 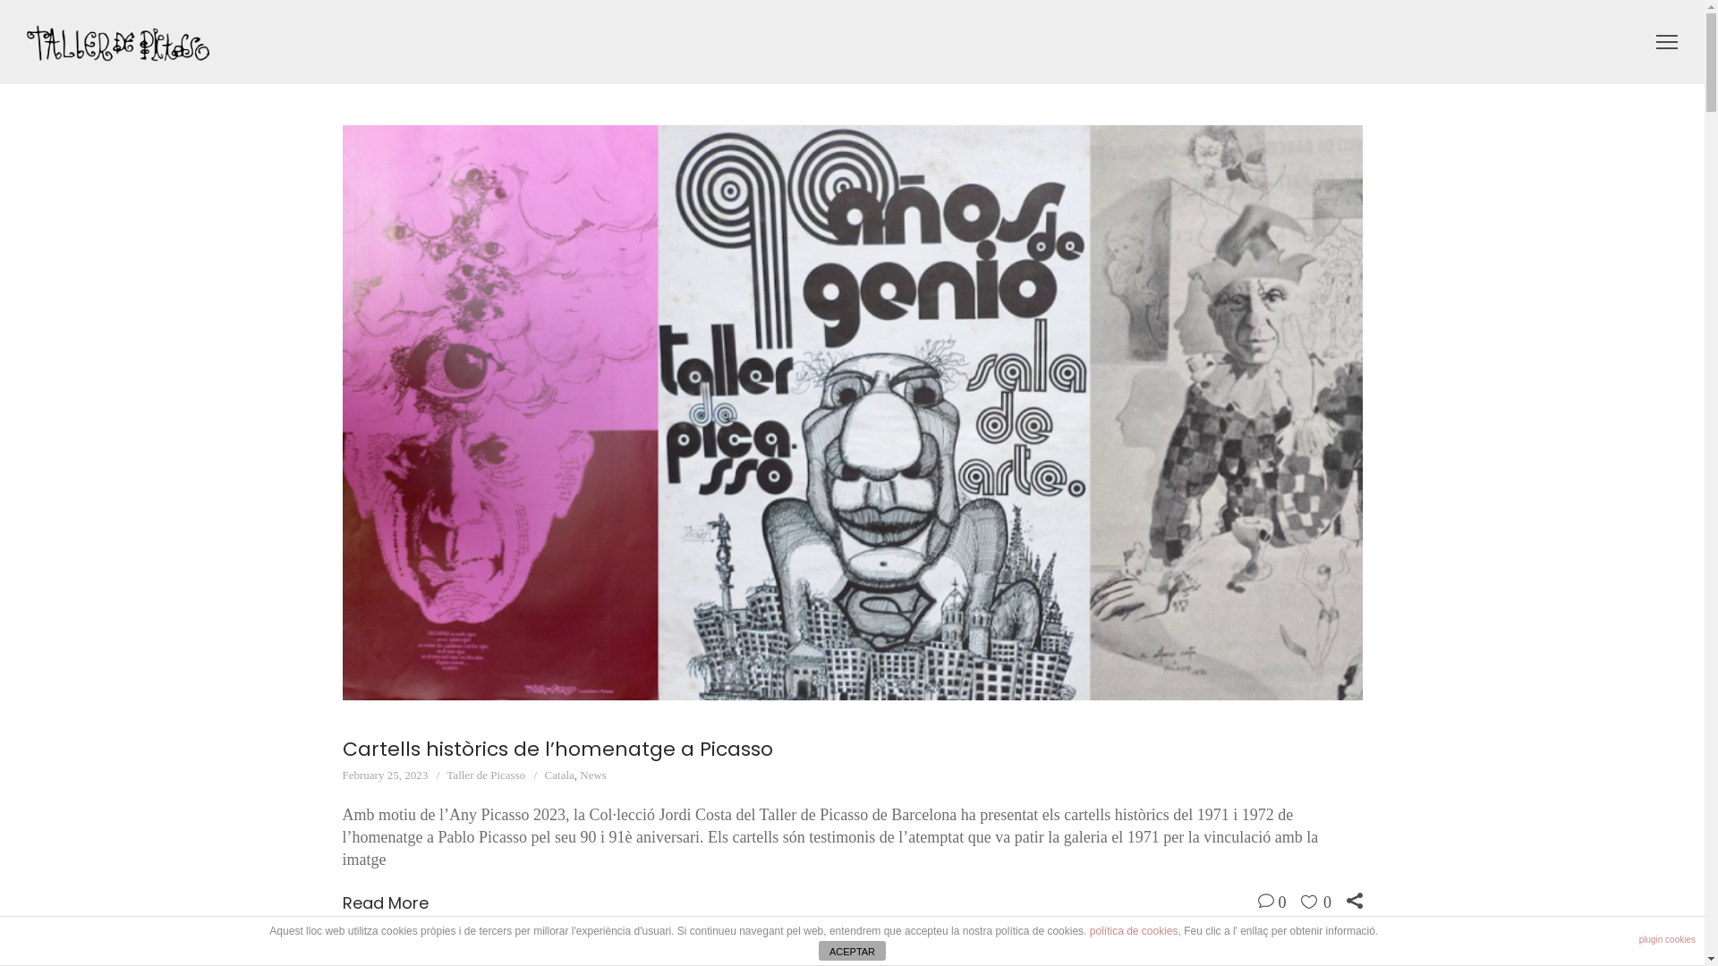 I want to click on 'Taller de Picasso', so click(x=485, y=774).